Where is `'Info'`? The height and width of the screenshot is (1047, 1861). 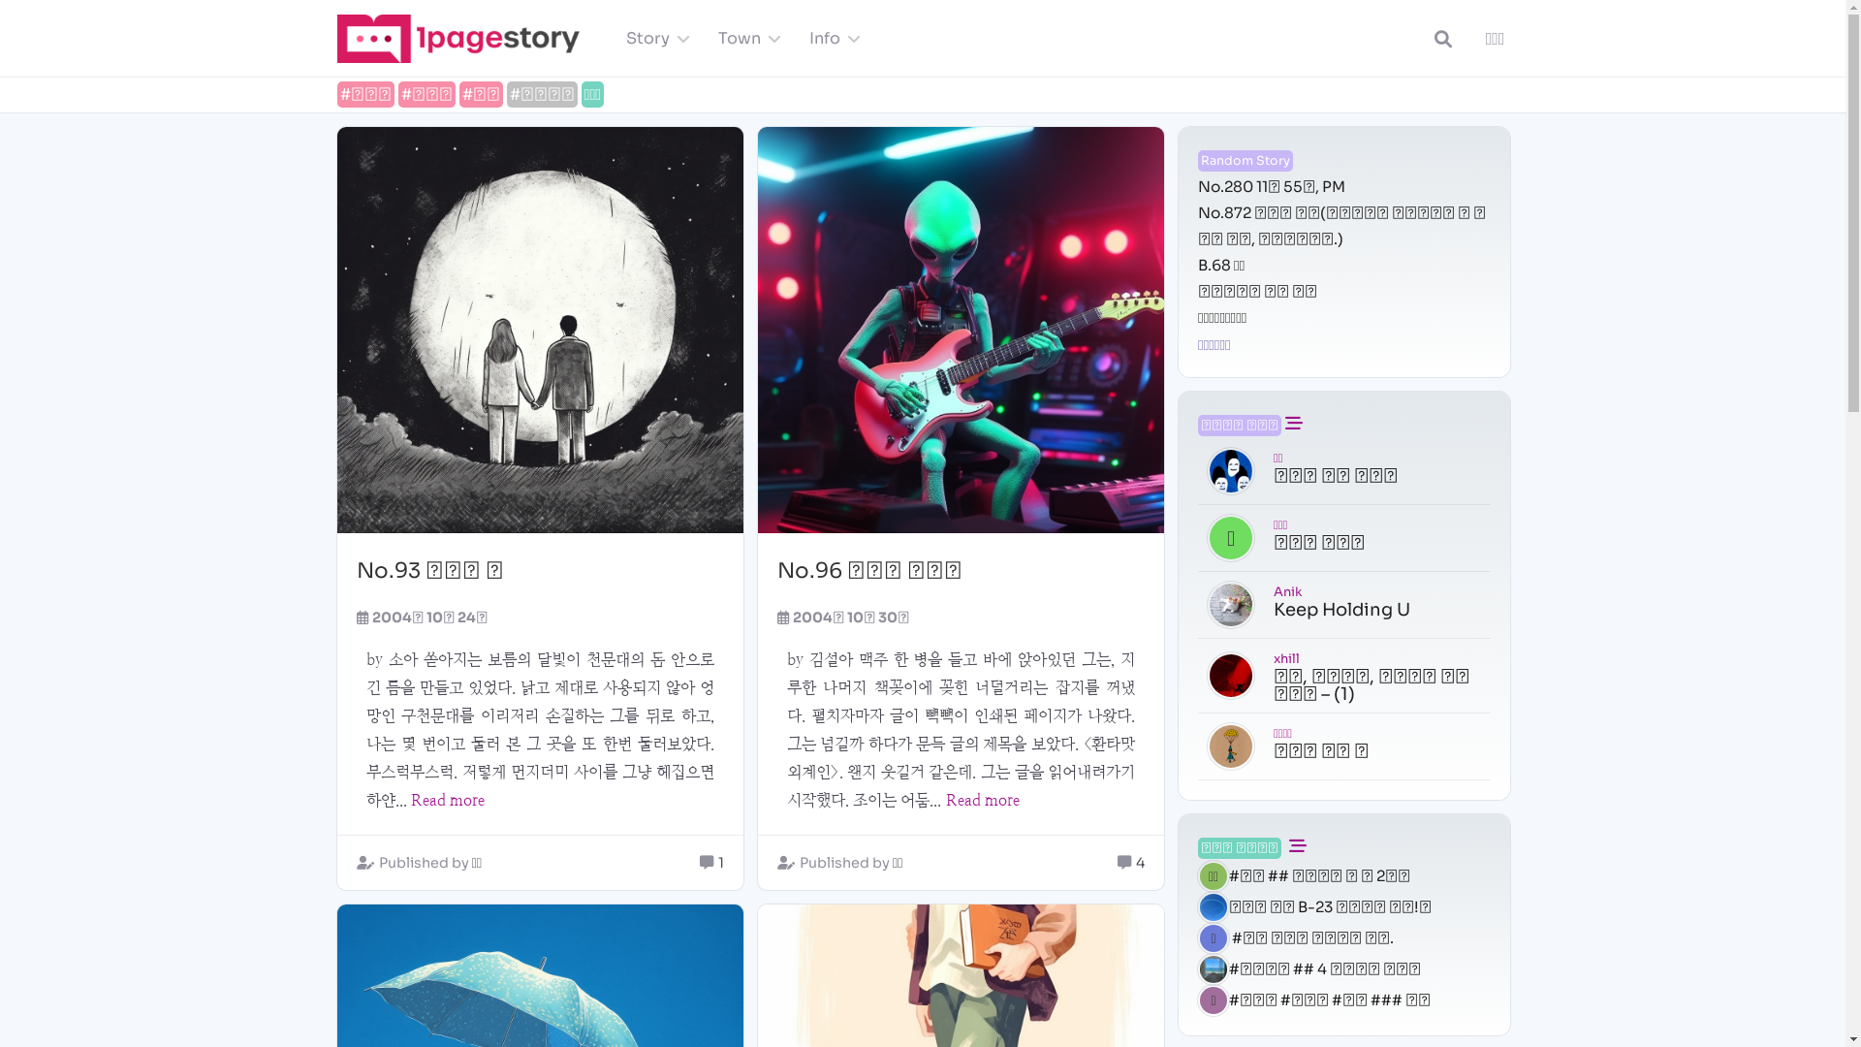 'Info' is located at coordinates (829, 38).